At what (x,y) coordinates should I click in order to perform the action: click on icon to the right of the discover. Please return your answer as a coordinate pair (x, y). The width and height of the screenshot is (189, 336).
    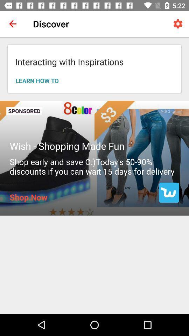
    Looking at the image, I should click on (178, 24).